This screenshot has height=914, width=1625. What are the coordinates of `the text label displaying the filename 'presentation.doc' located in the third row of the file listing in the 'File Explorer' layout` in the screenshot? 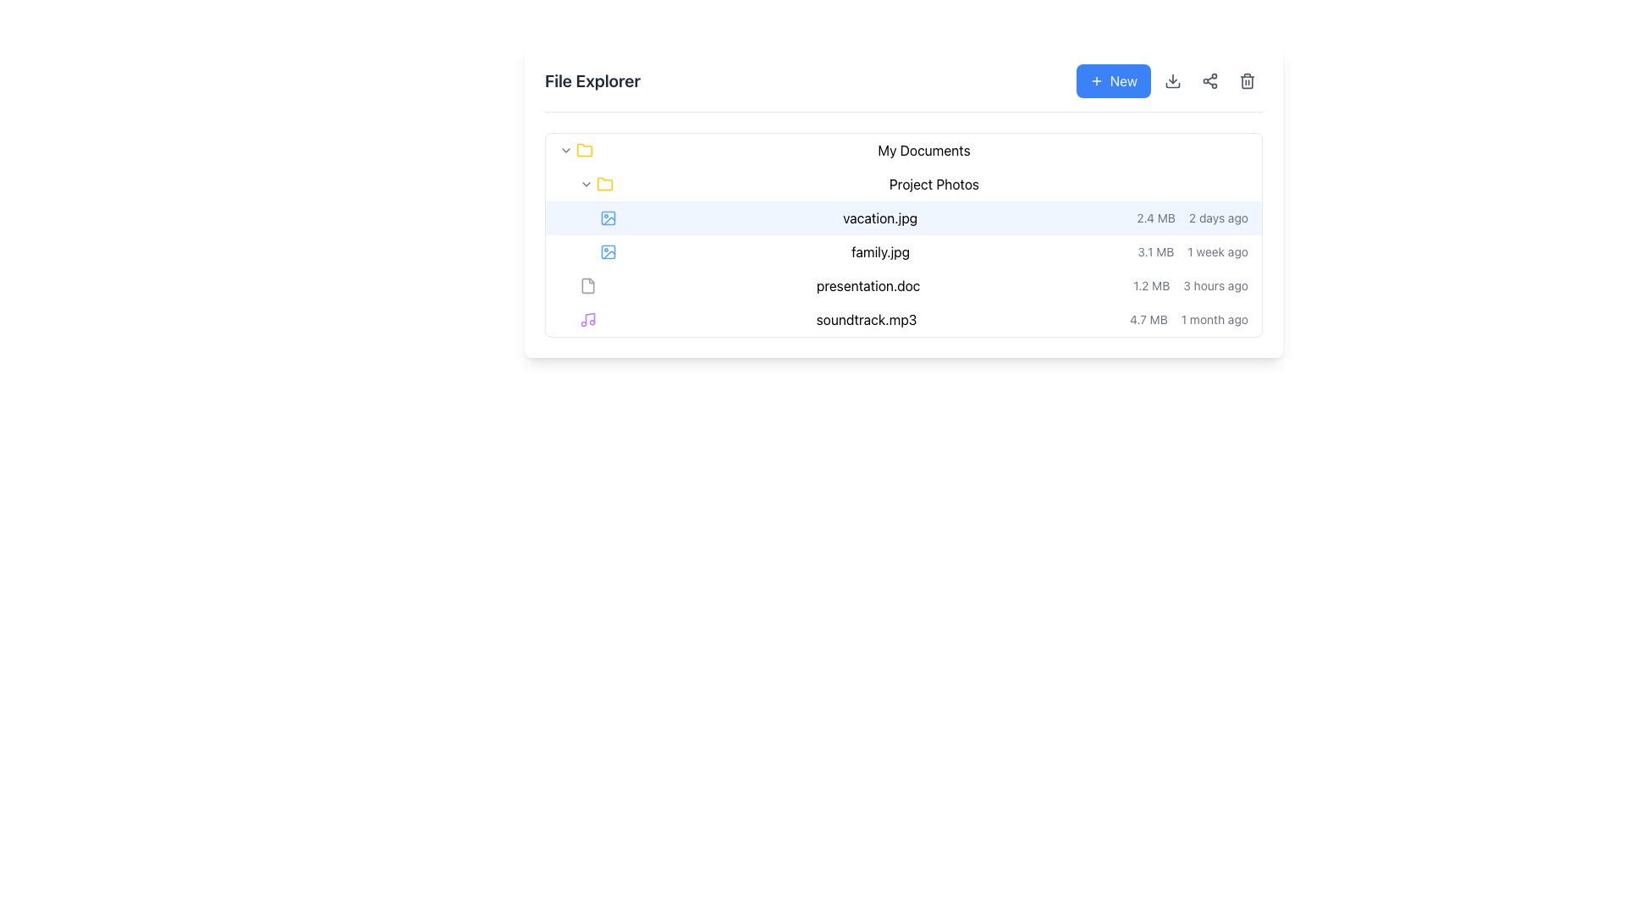 It's located at (868, 285).